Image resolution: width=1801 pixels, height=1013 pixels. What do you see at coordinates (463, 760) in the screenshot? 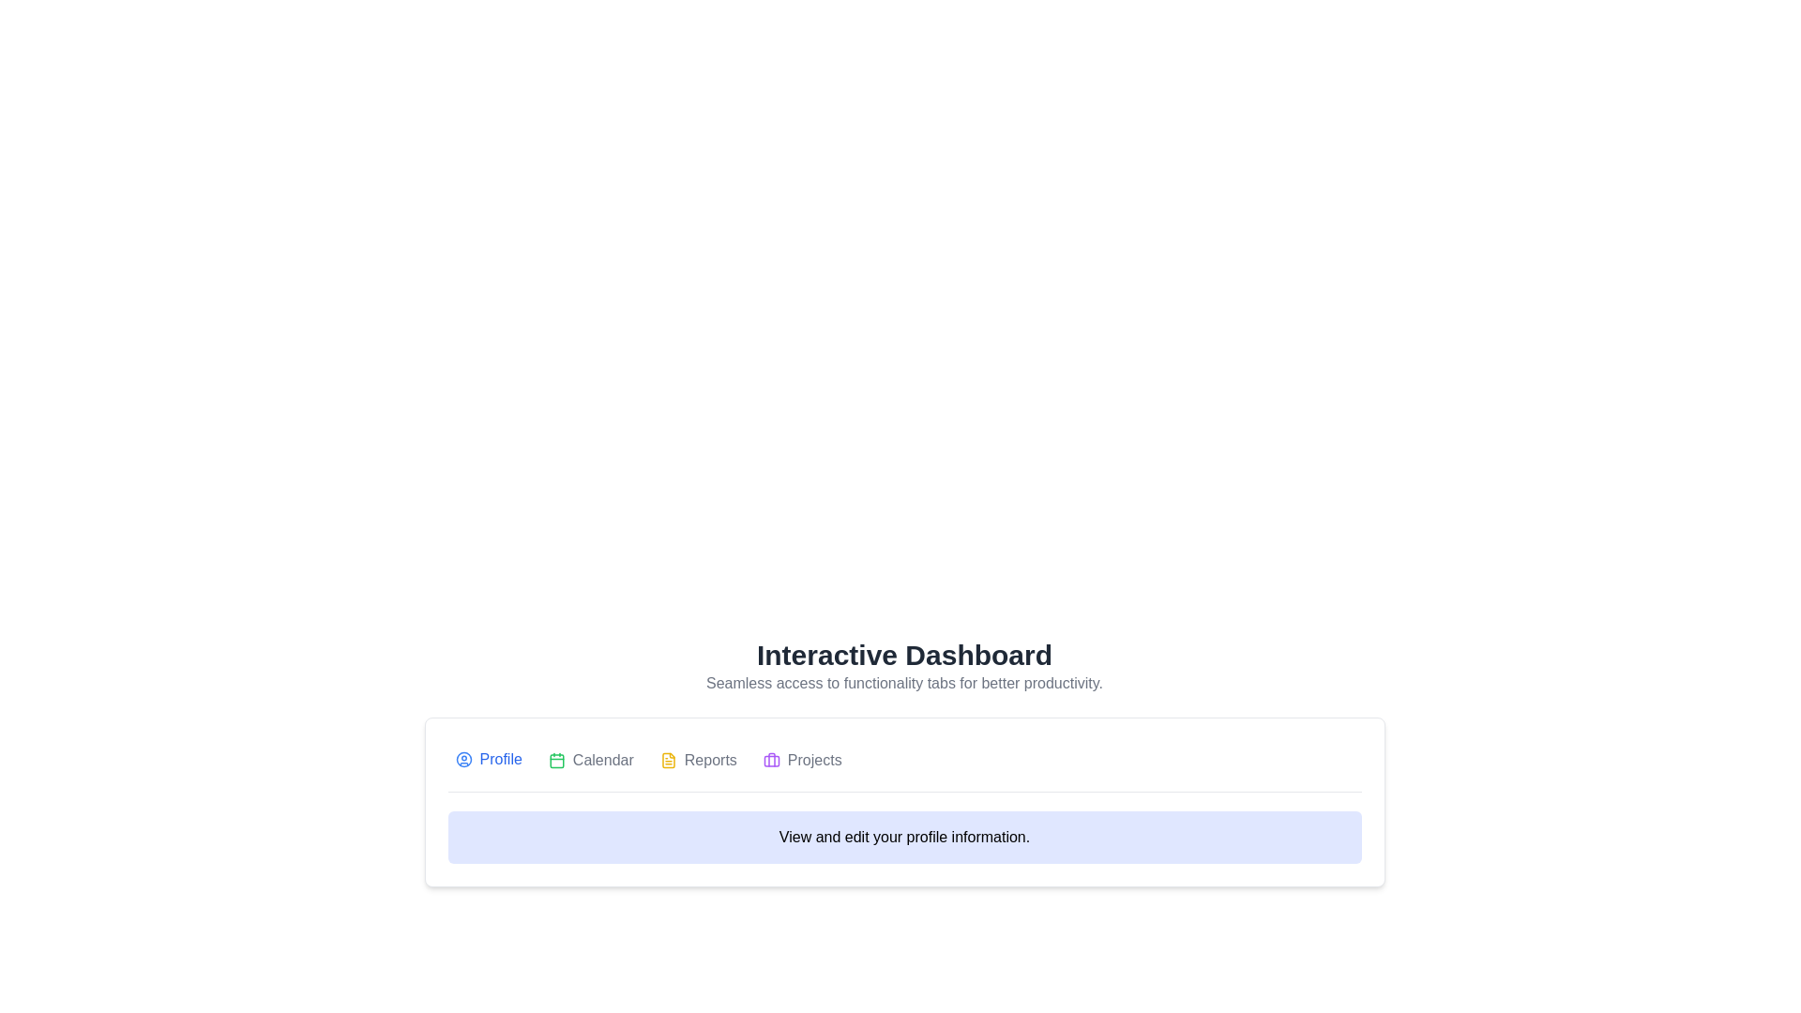
I see `the user profile icon located in the top-left corner of the horizontal menu navigation bar that contains links such as 'Profile' and 'Calendar'` at bounding box center [463, 760].